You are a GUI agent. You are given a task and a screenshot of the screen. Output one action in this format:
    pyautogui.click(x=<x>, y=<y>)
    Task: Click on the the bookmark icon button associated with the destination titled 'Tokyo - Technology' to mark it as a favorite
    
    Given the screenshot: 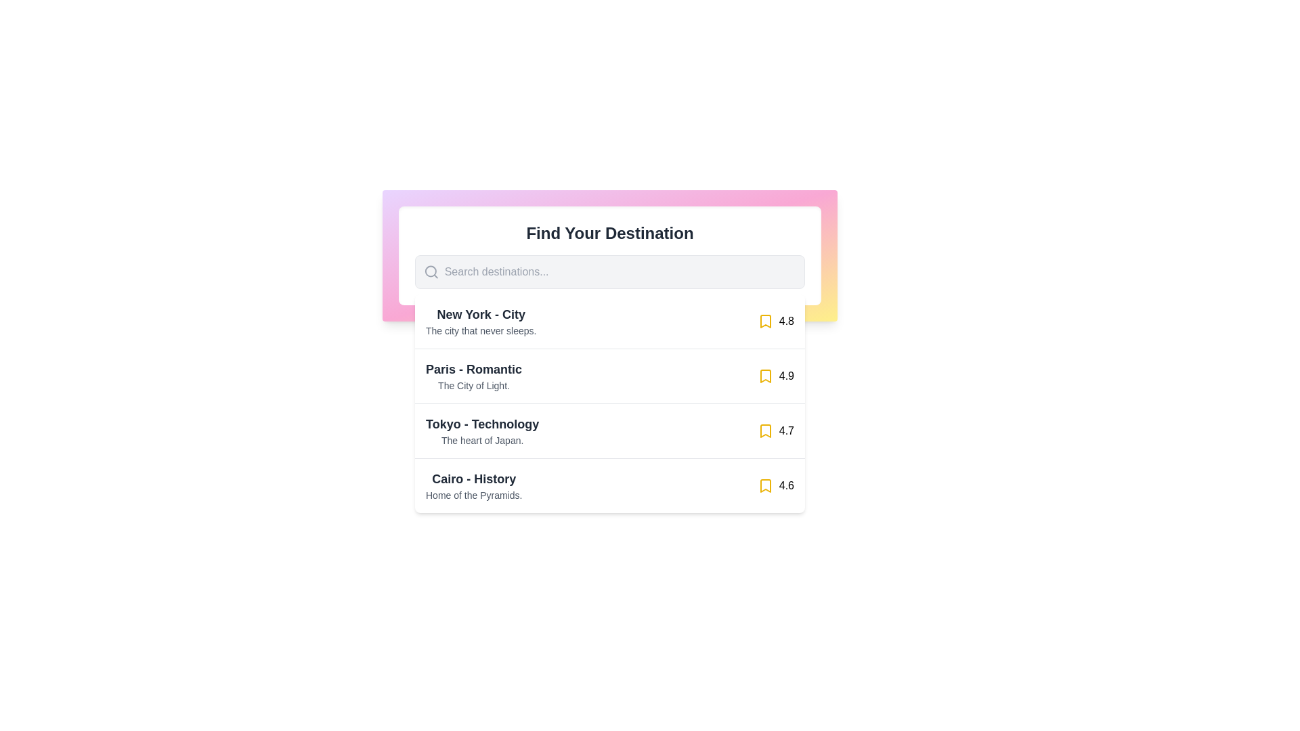 What is the action you would take?
    pyautogui.click(x=765, y=430)
    